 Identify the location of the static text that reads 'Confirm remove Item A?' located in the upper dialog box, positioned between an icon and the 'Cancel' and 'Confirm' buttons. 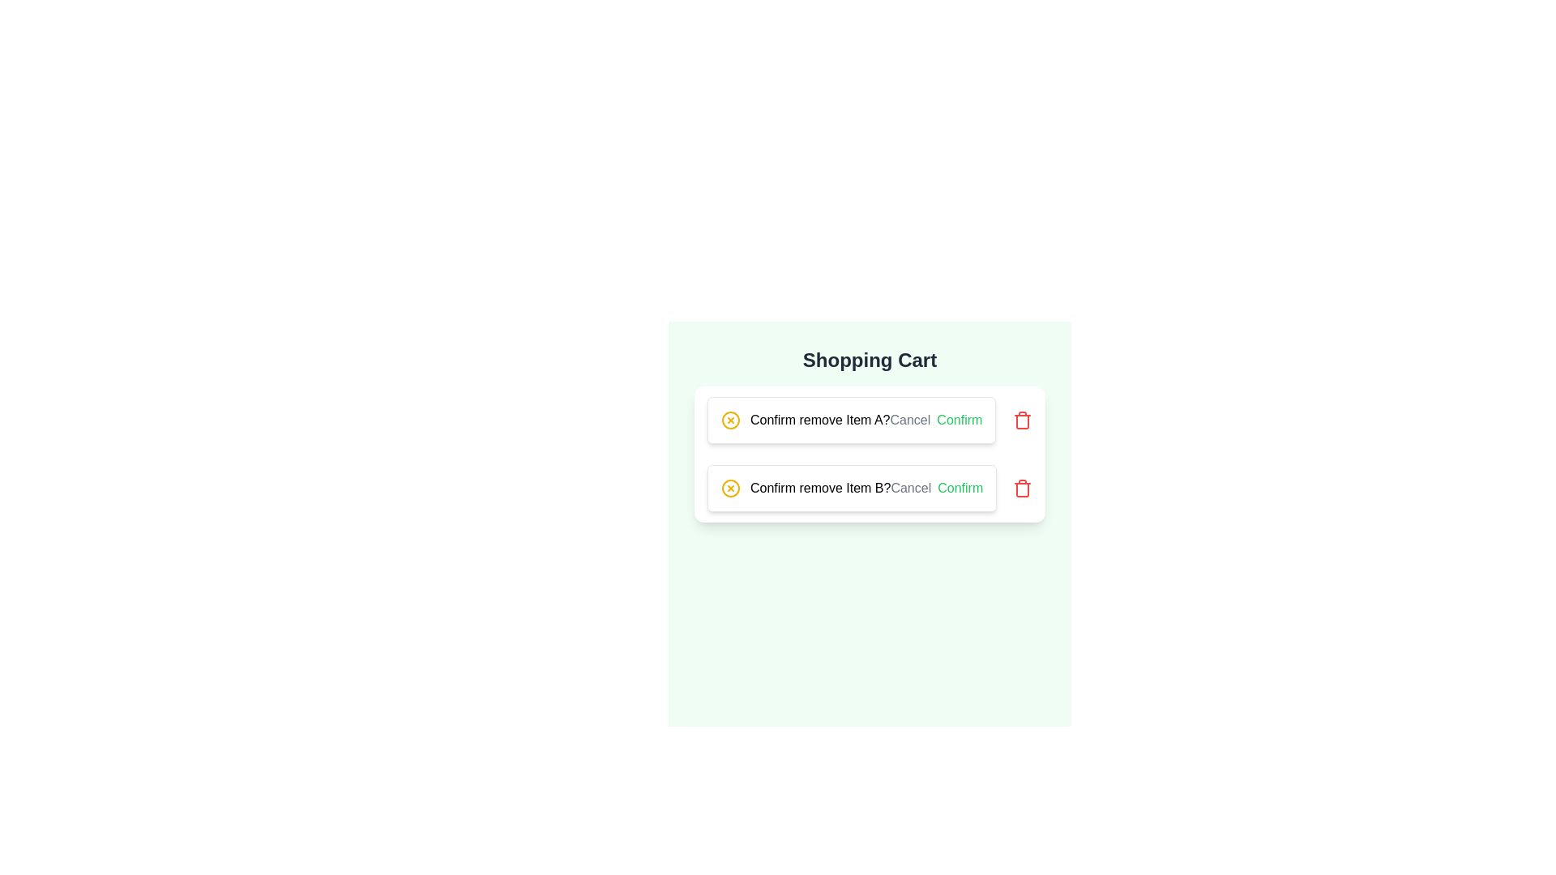
(820, 420).